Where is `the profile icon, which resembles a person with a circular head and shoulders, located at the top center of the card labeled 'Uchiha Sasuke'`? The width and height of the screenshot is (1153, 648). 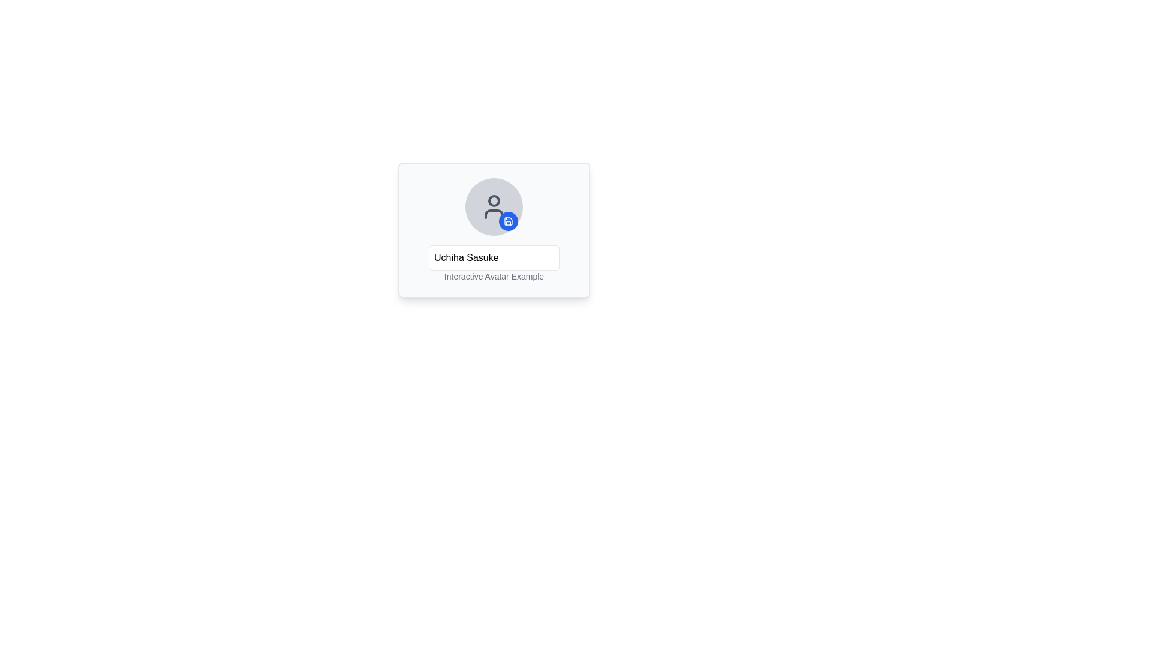
the profile icon, which resembles a person with a circular head and shoulders, located at the top center of the card labeled 'Uchiha Sasuke' is located at coordinates (494, 206).